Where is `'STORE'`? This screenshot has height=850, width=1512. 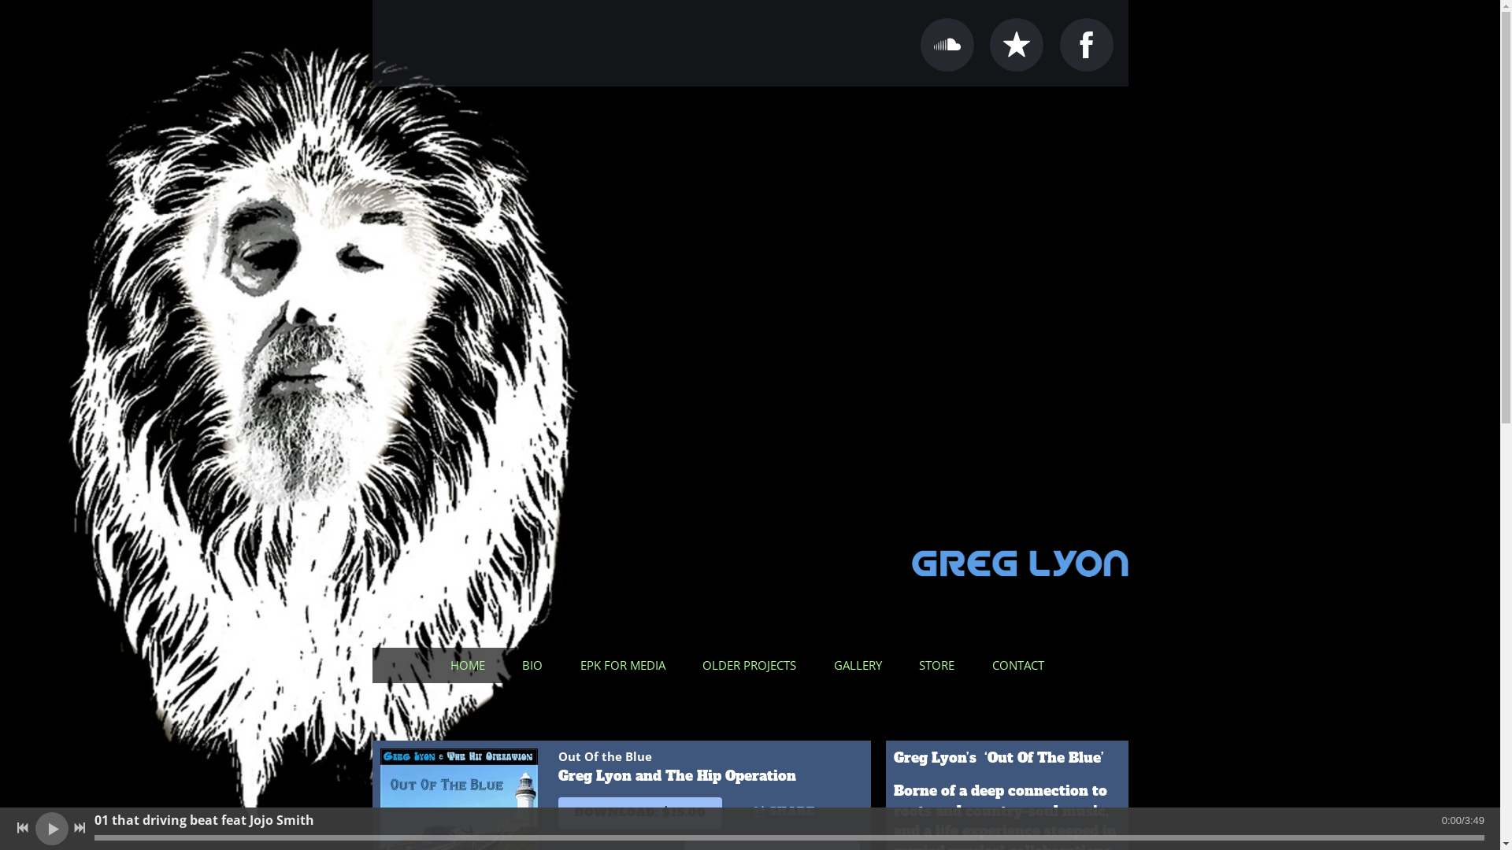 'STORE' is located at coordinates (939, 665).